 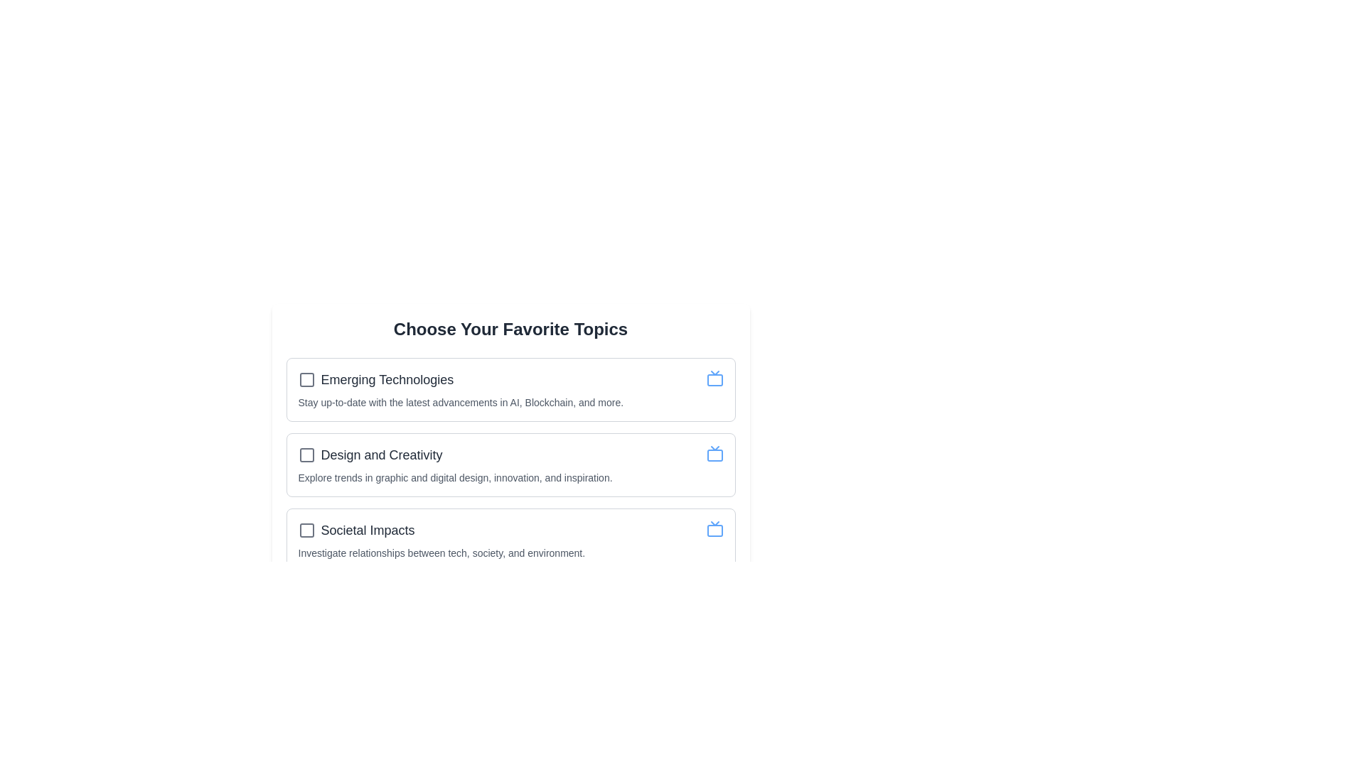 I want to click on to select the checkbox labeled 'Societal Impacts', which is the third item in a vertical list of topics, following 'Emerging Technologies' and 'Design and Creativity', so click(x=356, y=531).